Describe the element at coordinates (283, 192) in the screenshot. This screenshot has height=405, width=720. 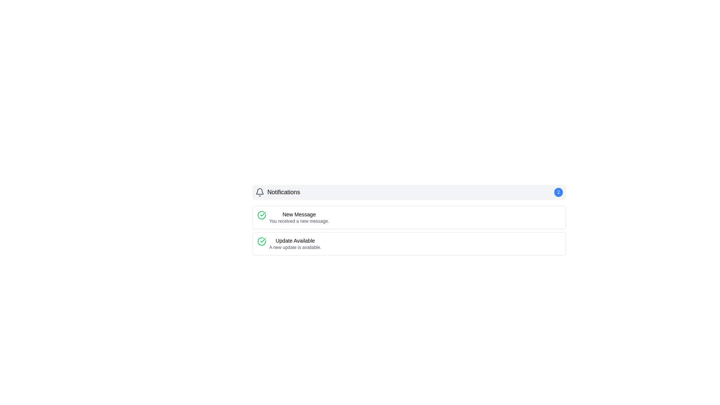
I see `the 'Notifications' text label, which is displayed in medium-weight font and located to the right of a bell icon, indicating it is part of the notification section` at that location.